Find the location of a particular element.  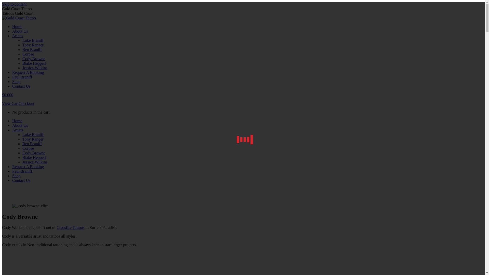

'Ben Braniff' is located at coordinates (32, 144).